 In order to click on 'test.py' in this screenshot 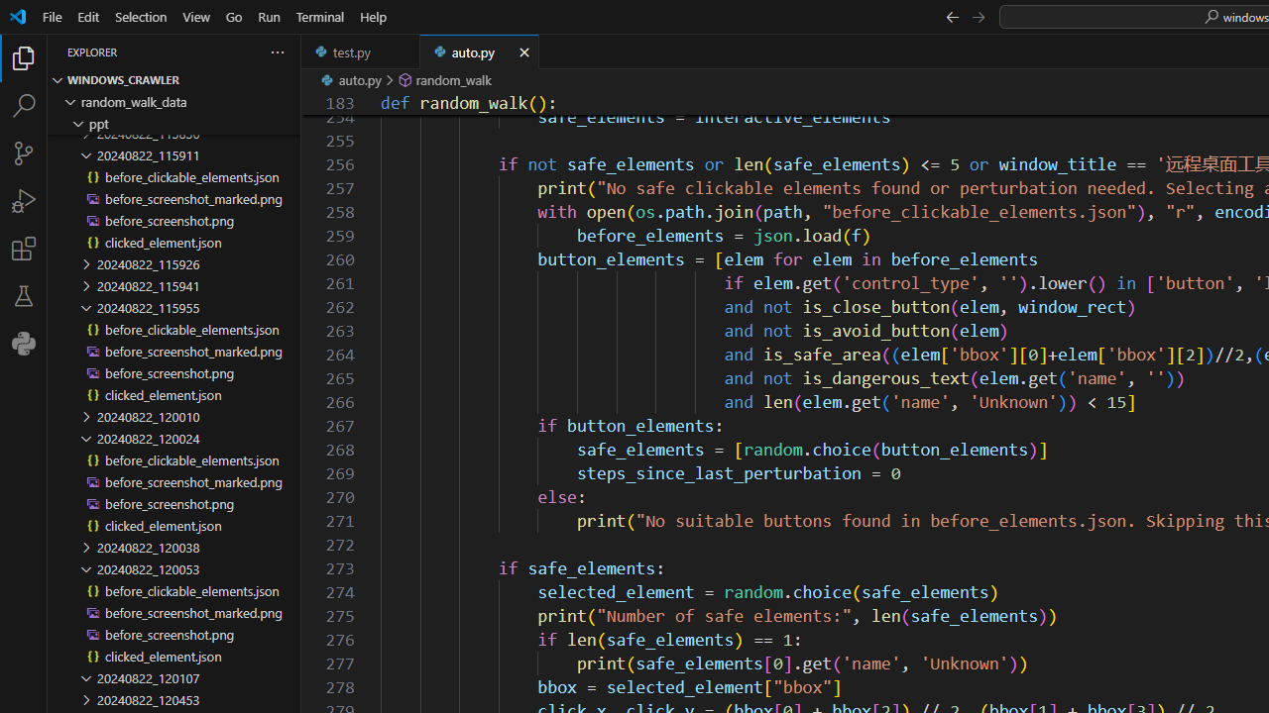, I will do `click(361, 51)`.